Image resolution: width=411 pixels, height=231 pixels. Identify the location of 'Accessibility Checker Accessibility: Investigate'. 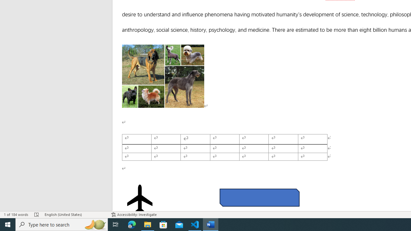
(134, 215).